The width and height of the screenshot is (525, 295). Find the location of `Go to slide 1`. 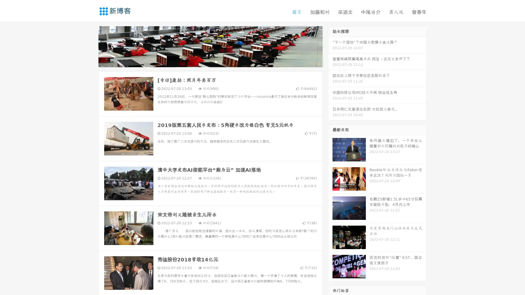

Go to slide 1 is located at coordinates (205, 61).